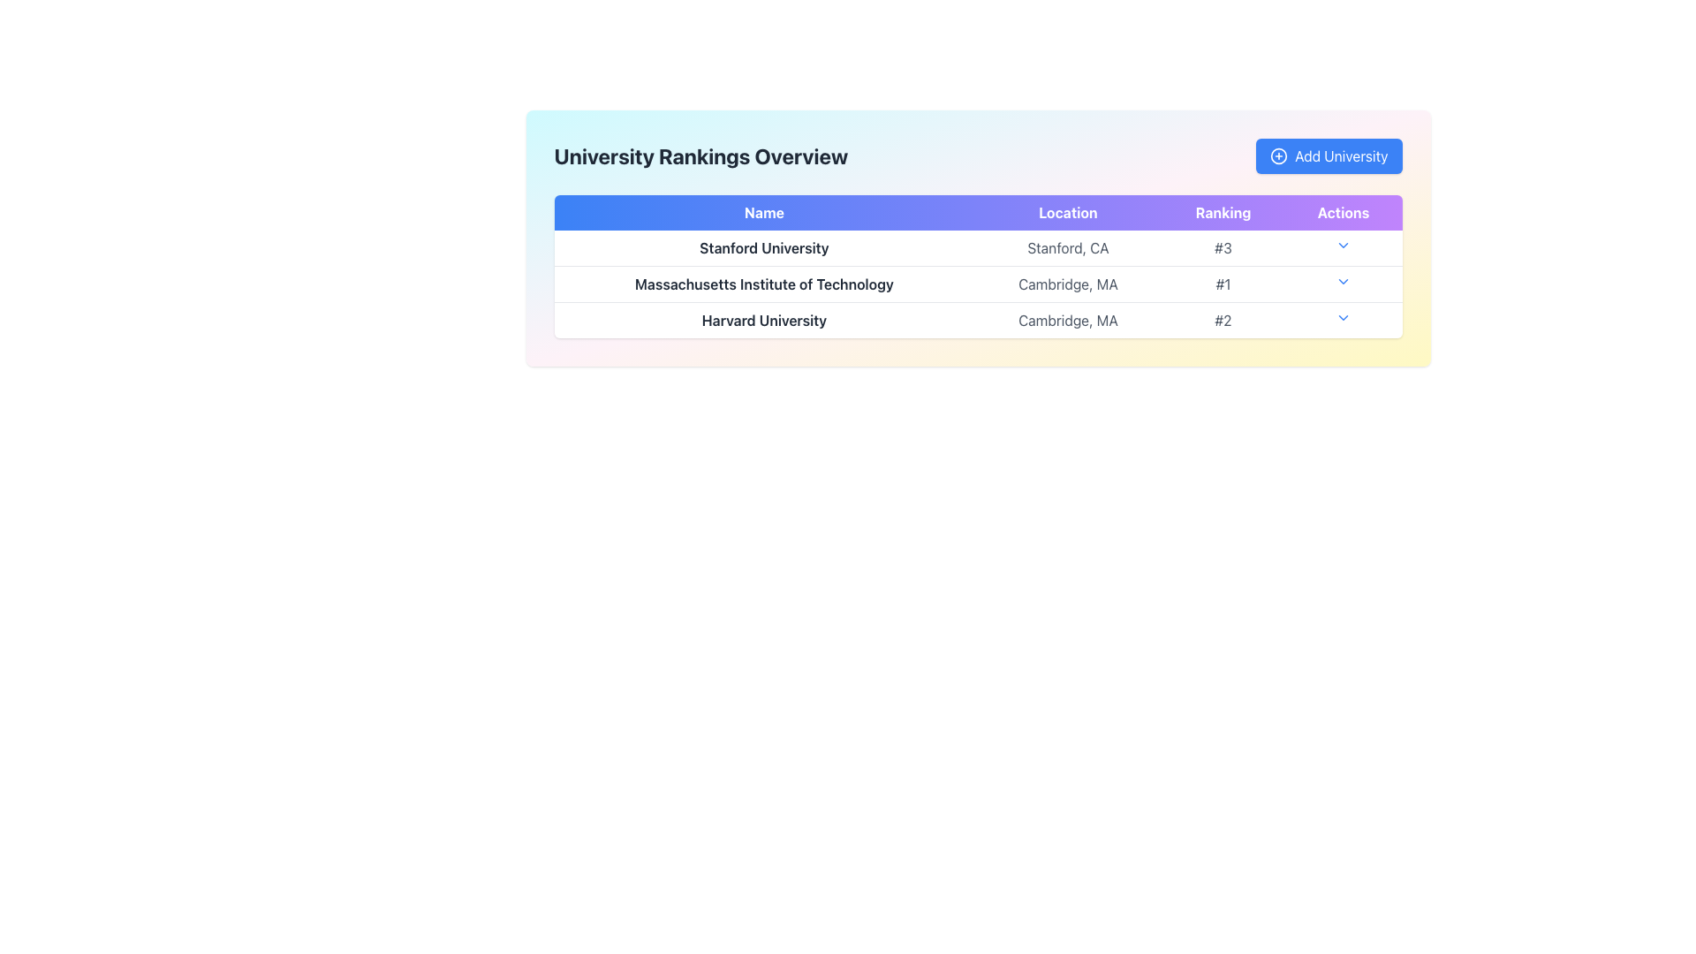 This screenshot has height=954, width=1696. What do you see at coordinates (1223, 248) in the screenshot?
I see `the ranking position text for Stanford University in the university ranking table, located between the 'Location' column and the 'Actions' column` at bounding box center [1223, 248].